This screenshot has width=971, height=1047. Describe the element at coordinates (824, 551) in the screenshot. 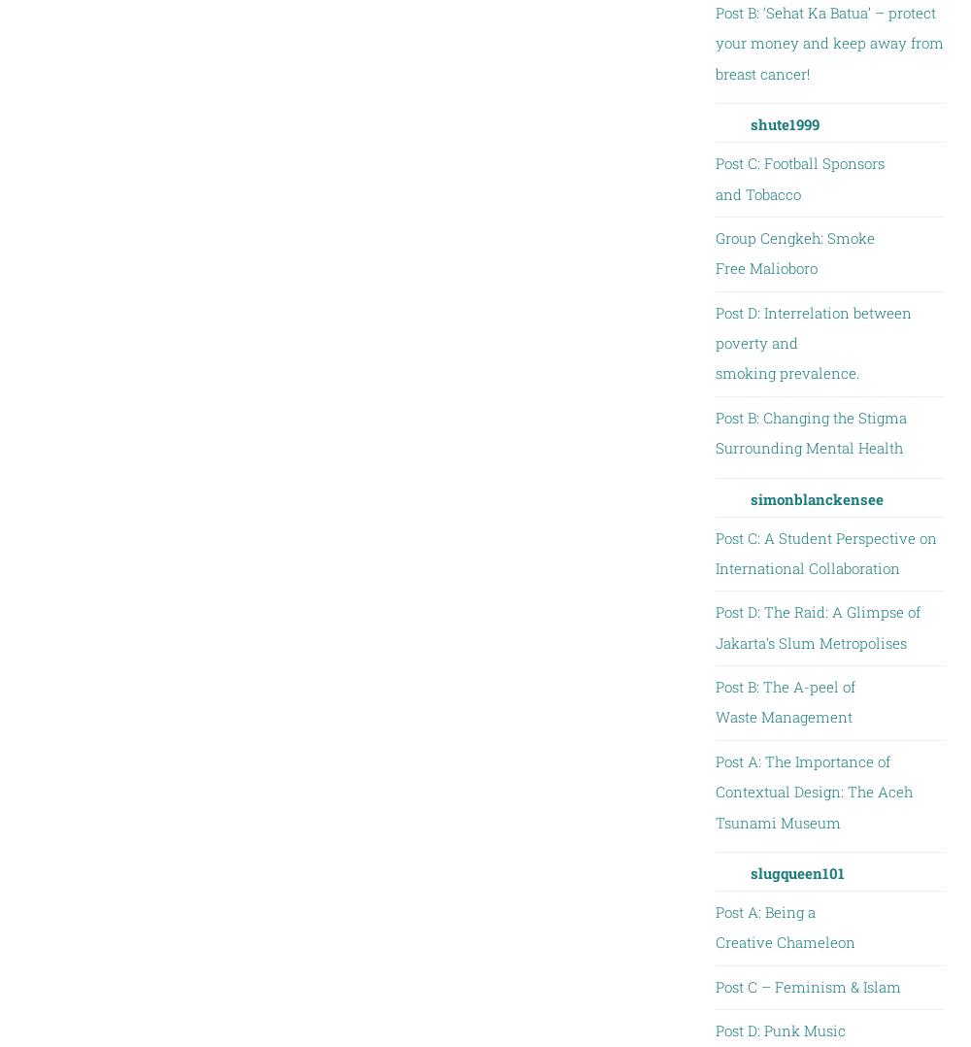

I see `'Post C: A Student Perspective on International Collaboration'` at that location.